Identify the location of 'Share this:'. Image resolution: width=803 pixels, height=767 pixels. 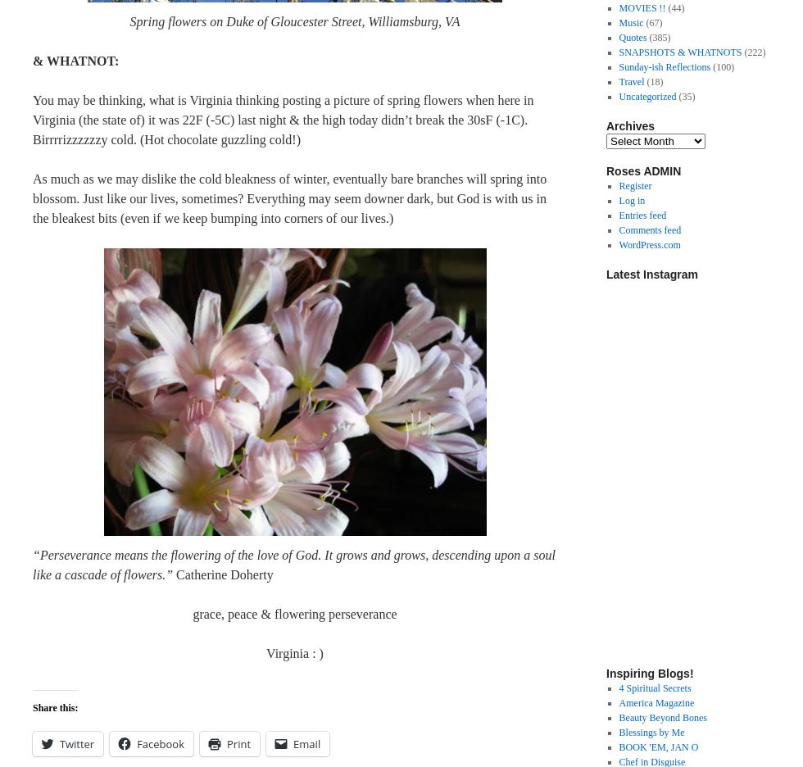
(55, 707).